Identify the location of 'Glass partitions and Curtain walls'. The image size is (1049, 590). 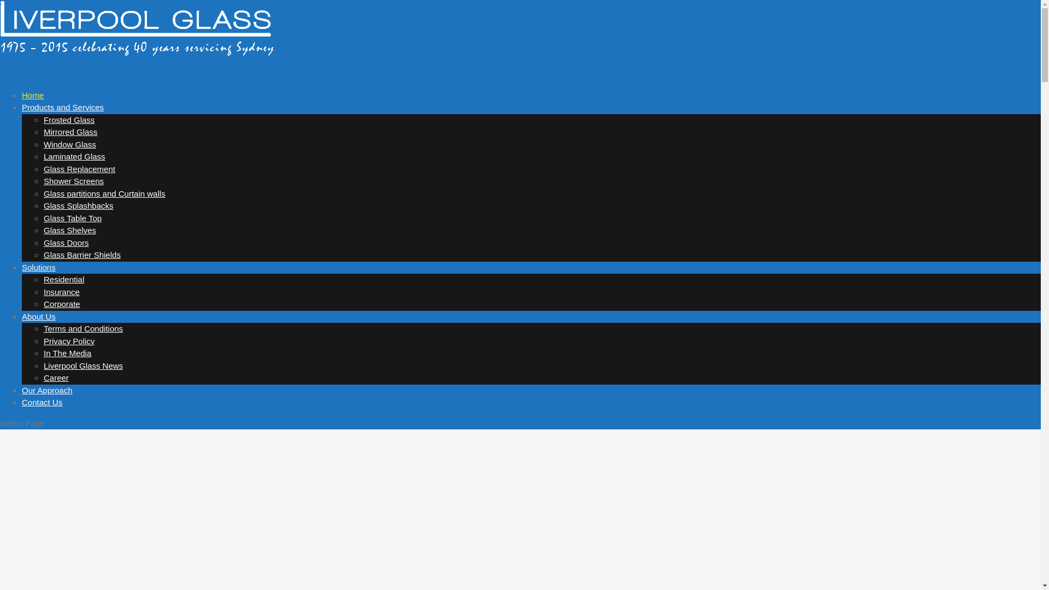
(104, 193).